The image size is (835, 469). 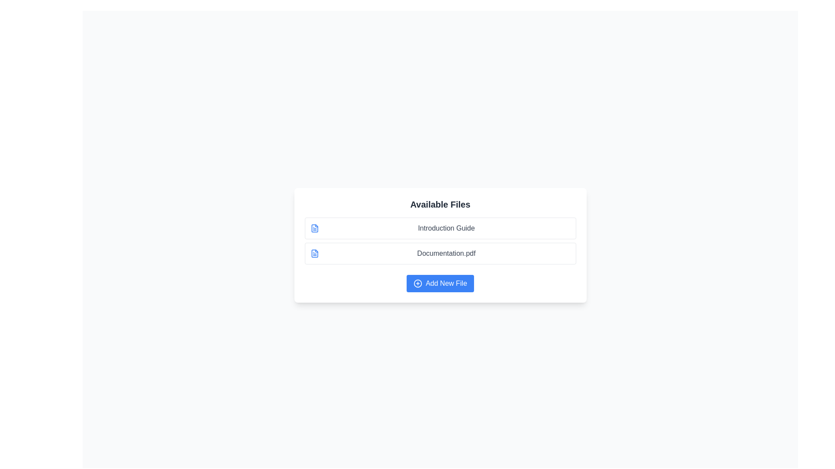 What do you see at coordinates (446, 228) in the screenshot?
I see `text label displaying the name of the file or document labeled 'Introduction Guide', located below the title 'Available Files' and to the right of a blue file icon` at bounding box center [446, 228].